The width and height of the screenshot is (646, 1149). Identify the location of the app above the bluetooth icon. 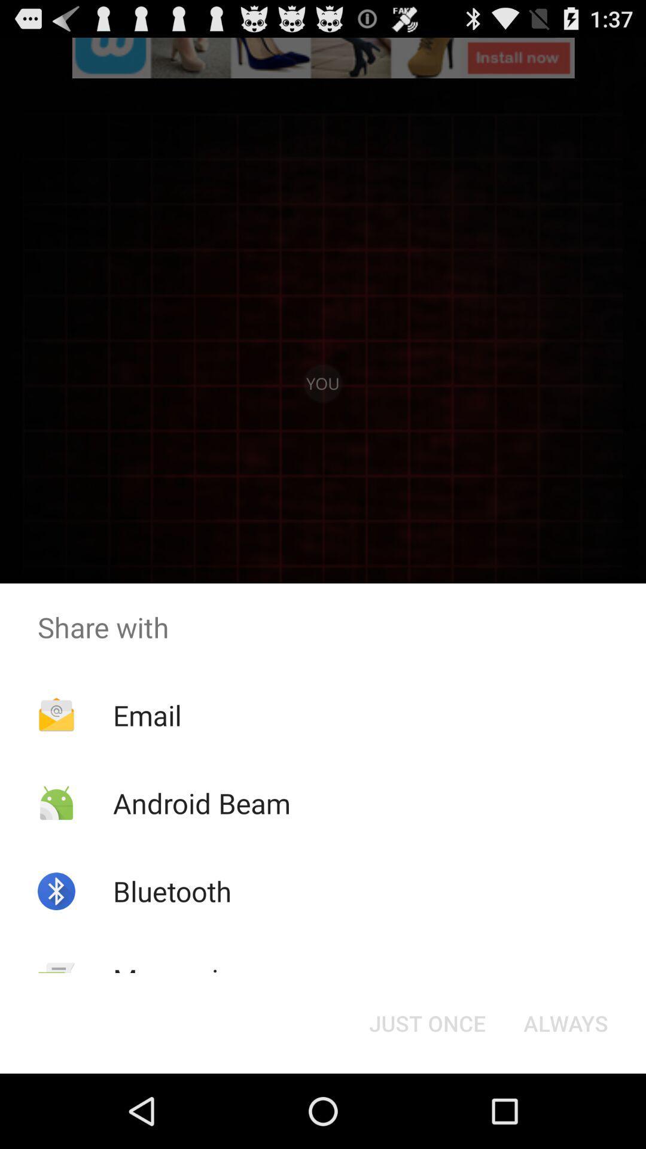
(201, 803).